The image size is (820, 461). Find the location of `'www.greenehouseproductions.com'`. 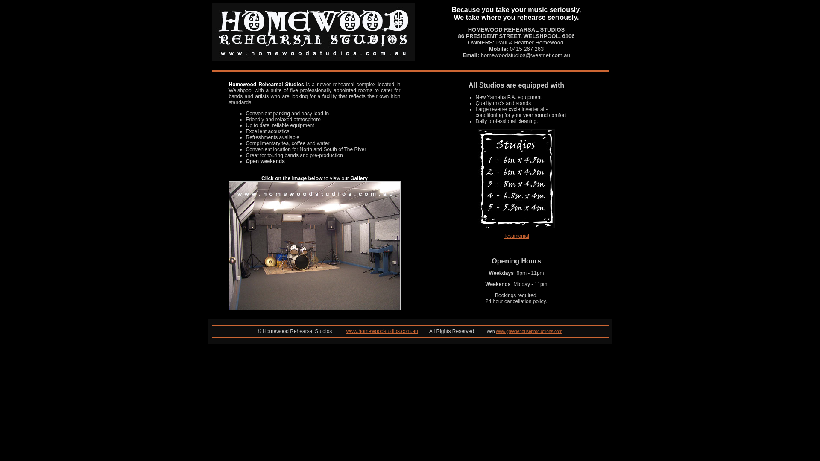

'www.greenehouseproductions.com' is located at coordinates (528, 330).